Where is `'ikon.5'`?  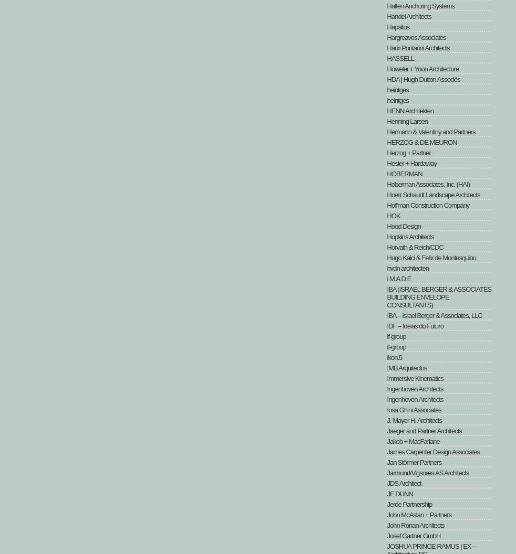
'ikon.5' is located at coordinates (394, 357).